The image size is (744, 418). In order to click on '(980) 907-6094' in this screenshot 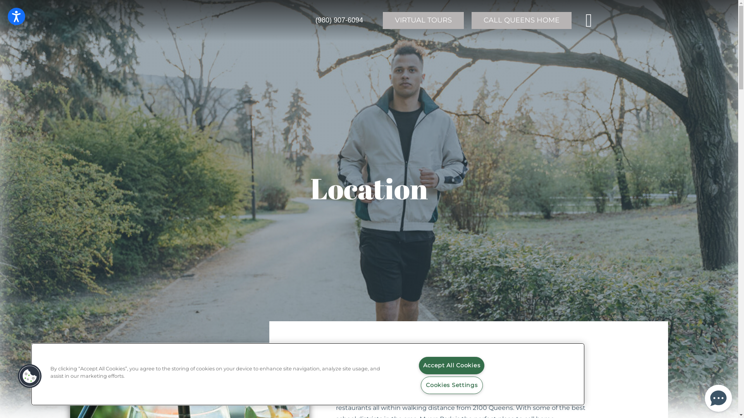, I will do `click(339, 20)`.